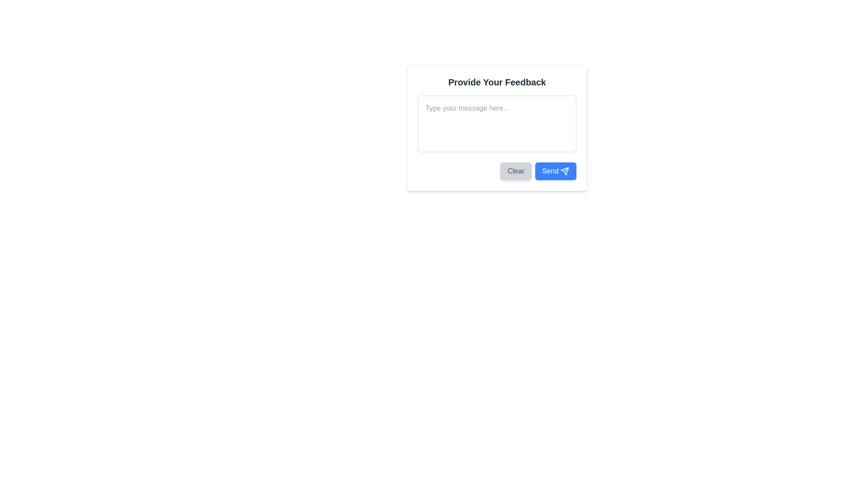 Image resolution: width=850 pixels, height=478 pixels. Describe the element at coordinates (555, 171) in the screenshot. I see `the submit button located to the immediate right of the 'Clear' button in the lower right of the feedback form` at that location.